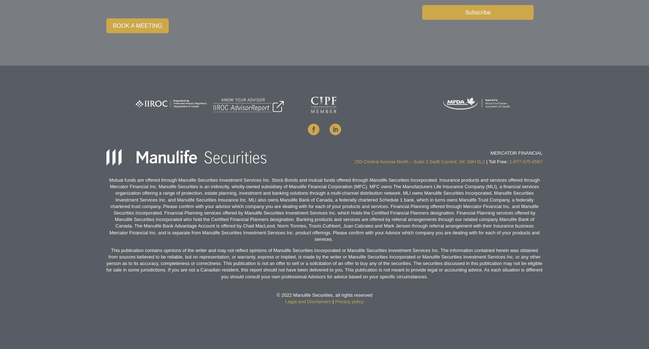 This screenshot has height=349, width=649. Describe the element at coordinates (290, 212) in the screenshot. I see `'Manulife Securities Investment Services Inc.'` at that location.